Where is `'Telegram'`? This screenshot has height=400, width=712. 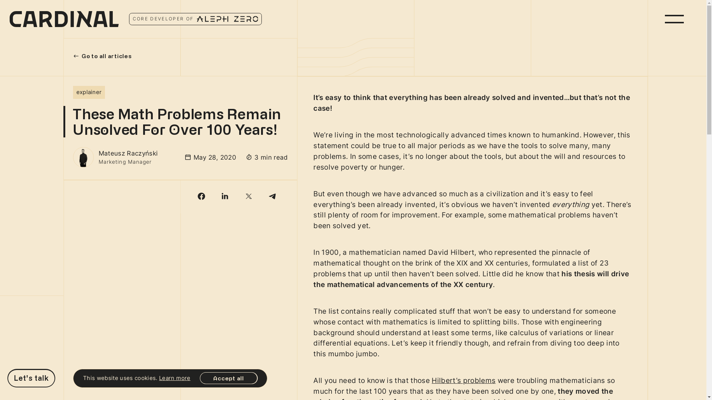
'Telegram' is located at coordinates (273, 196).